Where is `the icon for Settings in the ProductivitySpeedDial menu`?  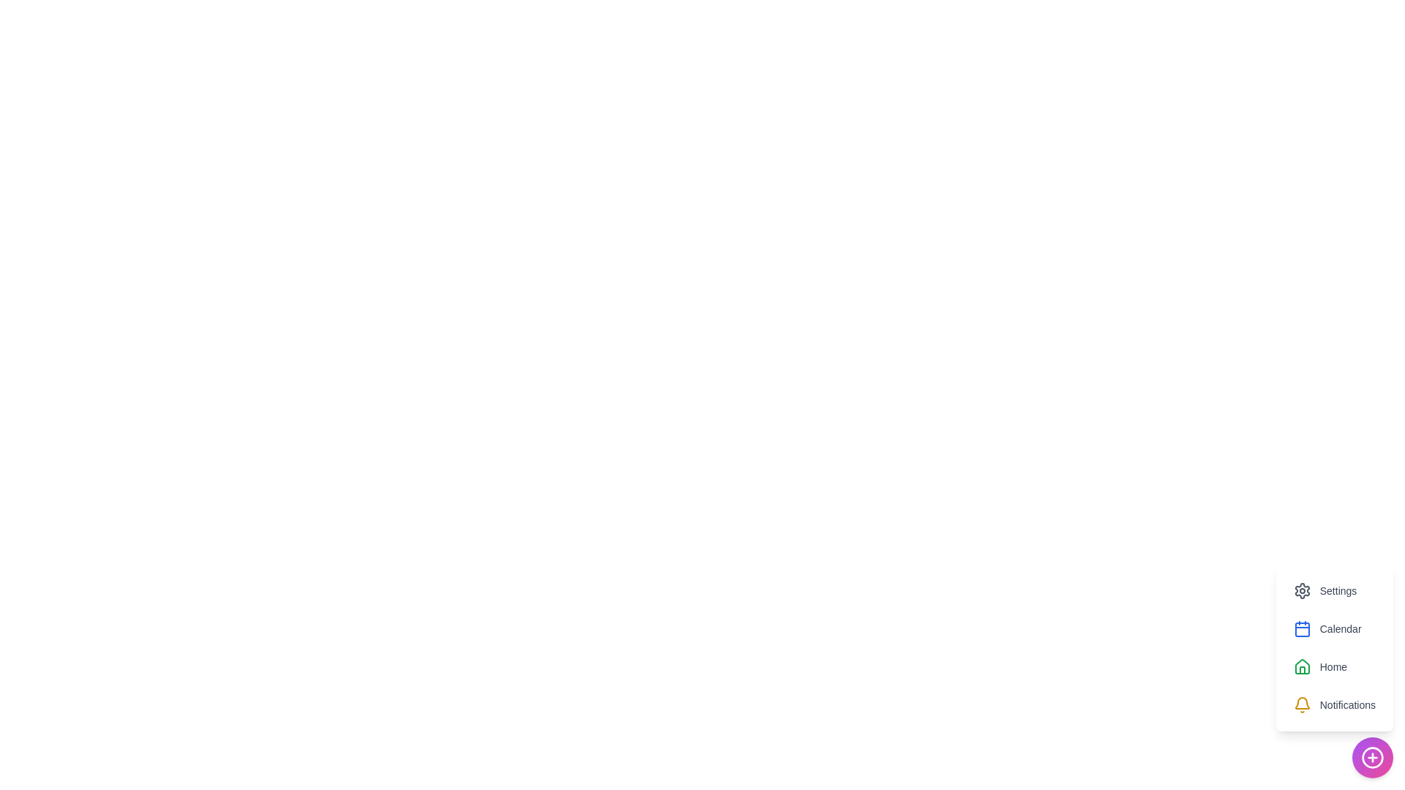
the icon for Settings in the ProductivitySpeedDial menu is located at coordinates (1302, 590).